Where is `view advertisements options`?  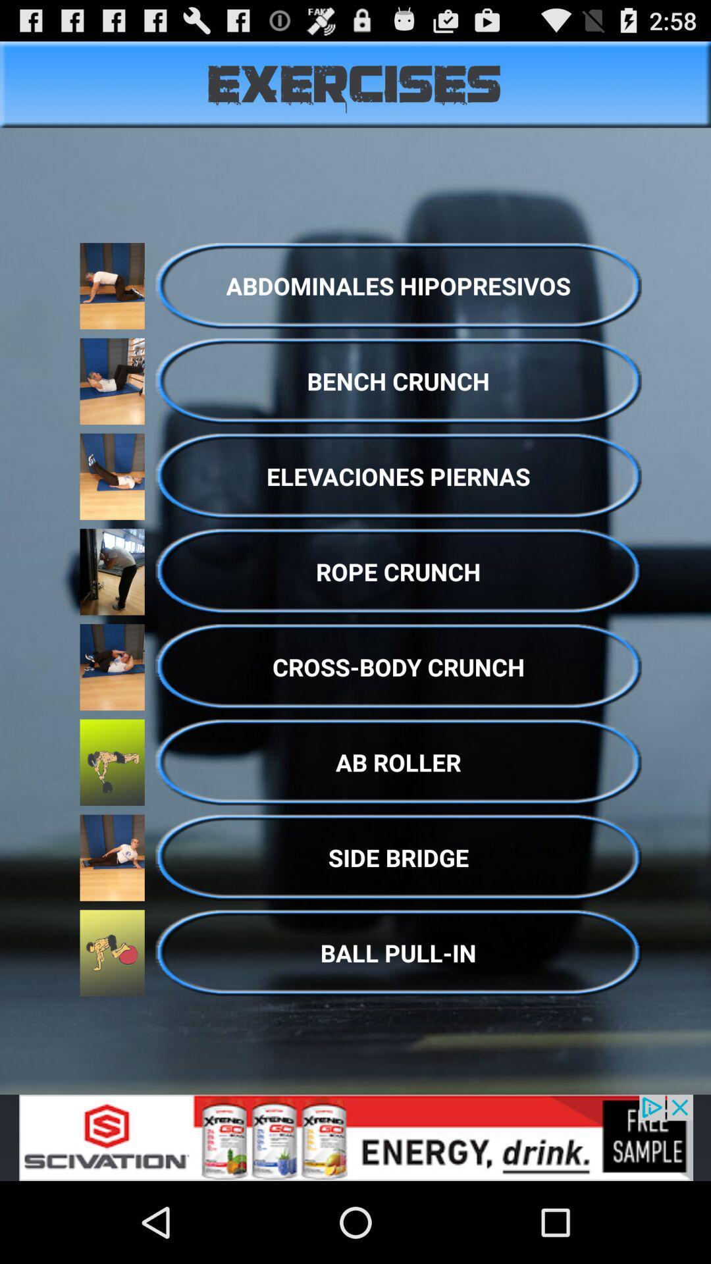
view advertisements options is located at coordinates (355, 1137).